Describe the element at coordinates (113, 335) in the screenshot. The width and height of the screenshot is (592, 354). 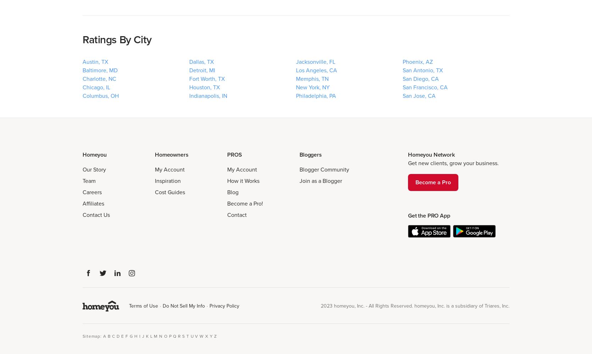
I see `'C'` at that location.